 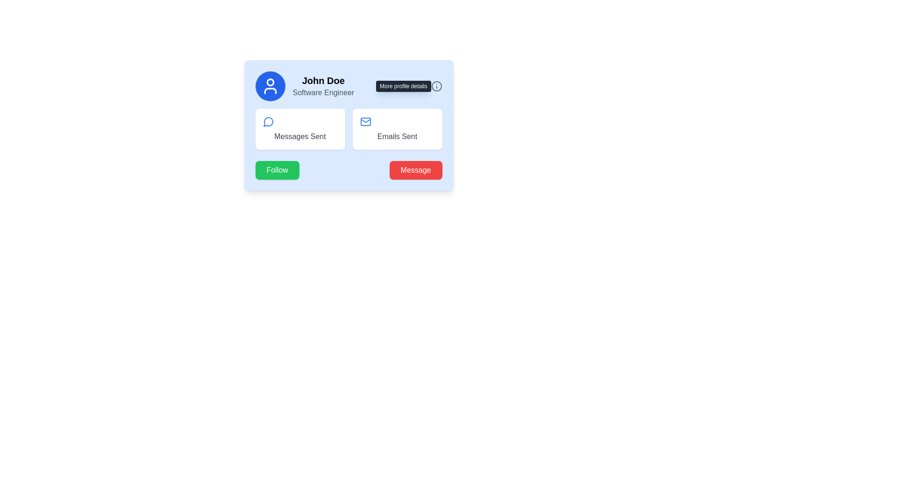 I want to click on bottom segment of the user icon, which is a graphical vector shape within a blue circular graphic component, located in the top-left section of the card layout, so click(x=270, y=91).